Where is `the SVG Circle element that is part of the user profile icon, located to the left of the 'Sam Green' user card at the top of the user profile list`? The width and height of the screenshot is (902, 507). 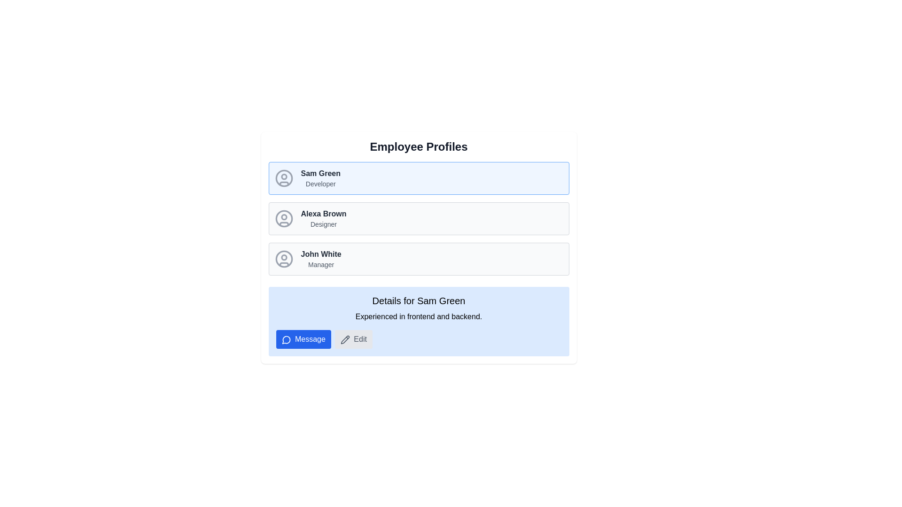 the SVG Circle element that is part of the user profile icon, located to the left of the 'Sam Green' user card at the top of the user profile list is located at coordinates (283, 257).